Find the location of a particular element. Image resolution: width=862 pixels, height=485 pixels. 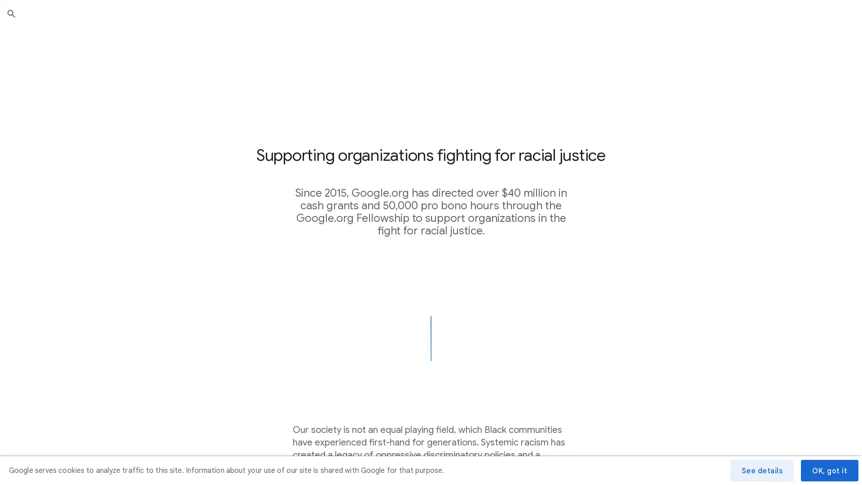

Close search is located at coordinates (840, 14).